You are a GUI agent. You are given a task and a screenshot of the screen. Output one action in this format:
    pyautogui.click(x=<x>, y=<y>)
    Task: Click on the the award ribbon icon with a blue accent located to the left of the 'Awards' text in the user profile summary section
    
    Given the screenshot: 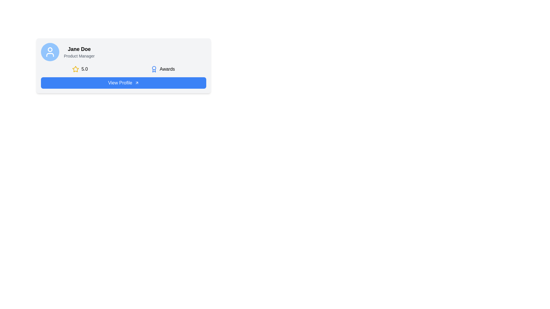 What is the action you would take?
    pyautogui.click(x=154, y=69)
    